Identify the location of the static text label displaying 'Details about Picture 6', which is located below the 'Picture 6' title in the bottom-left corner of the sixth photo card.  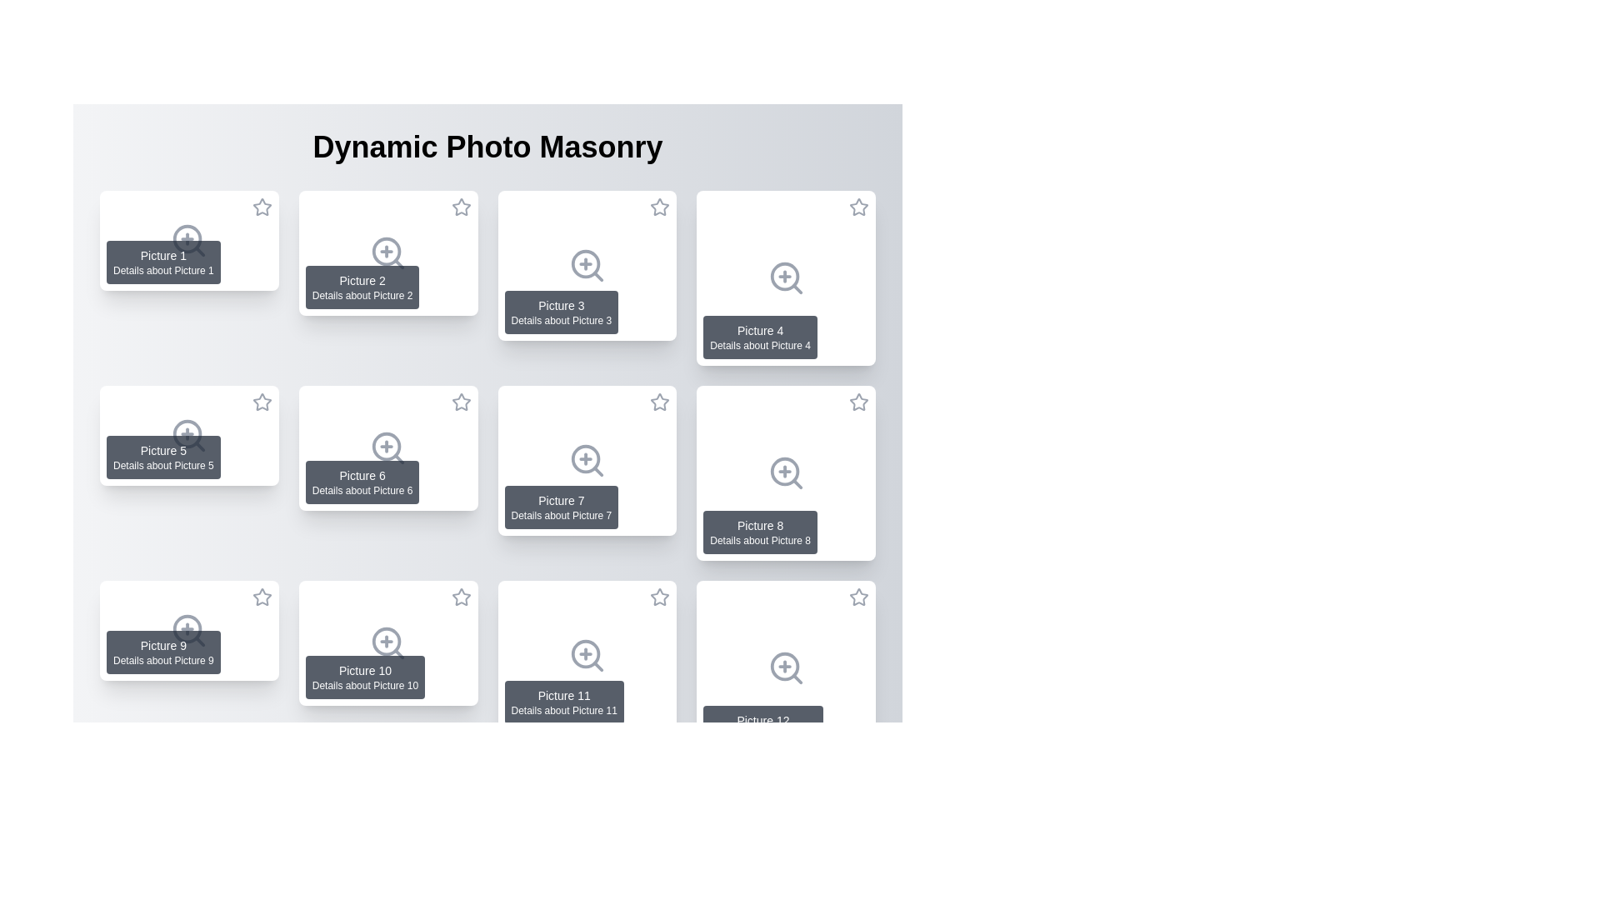
(362, 490).